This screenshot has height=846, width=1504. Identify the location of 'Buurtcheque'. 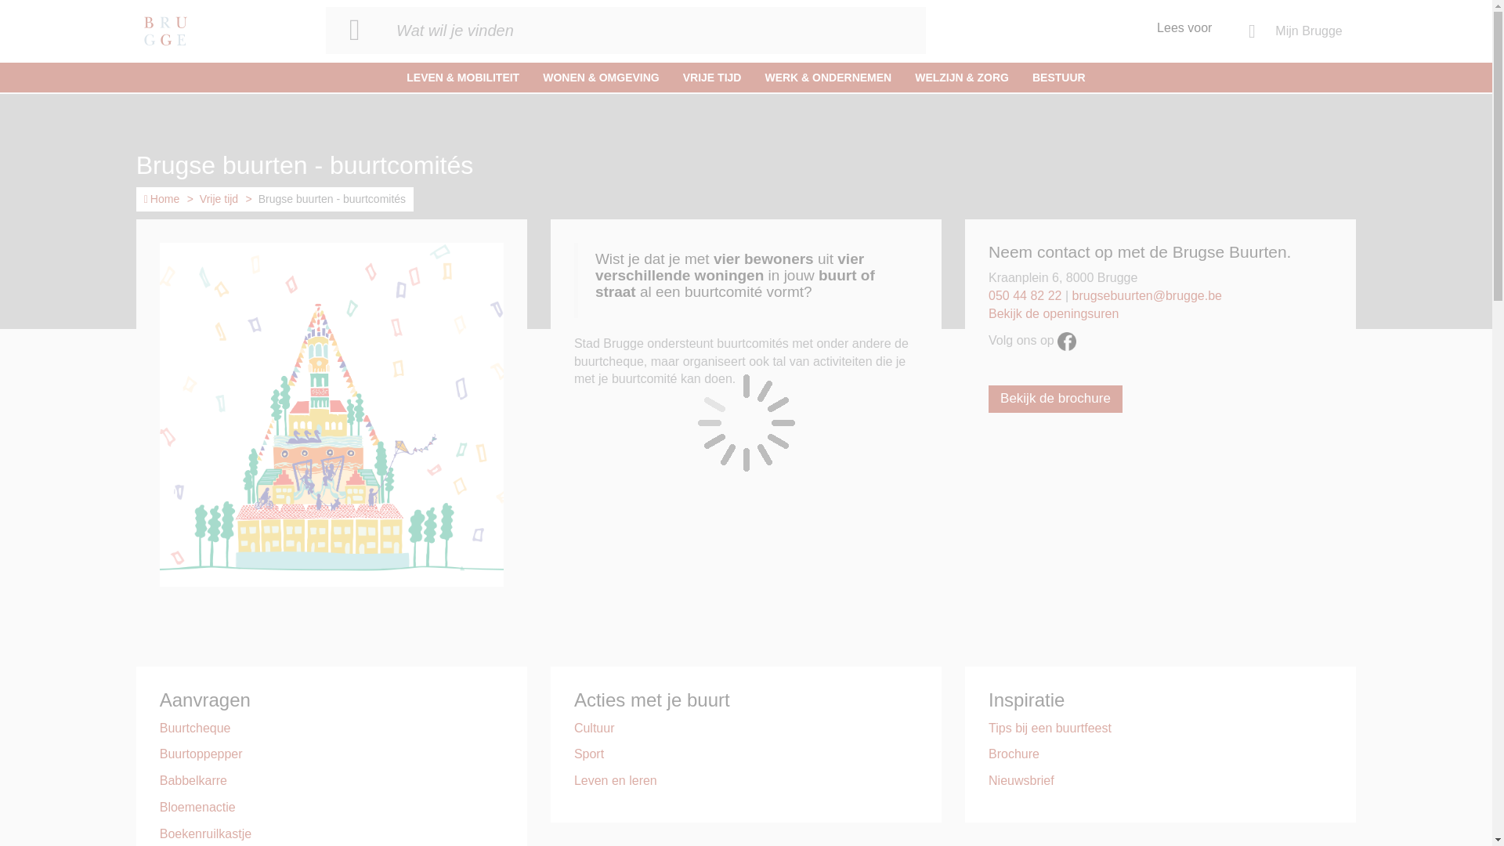
(194, 728).